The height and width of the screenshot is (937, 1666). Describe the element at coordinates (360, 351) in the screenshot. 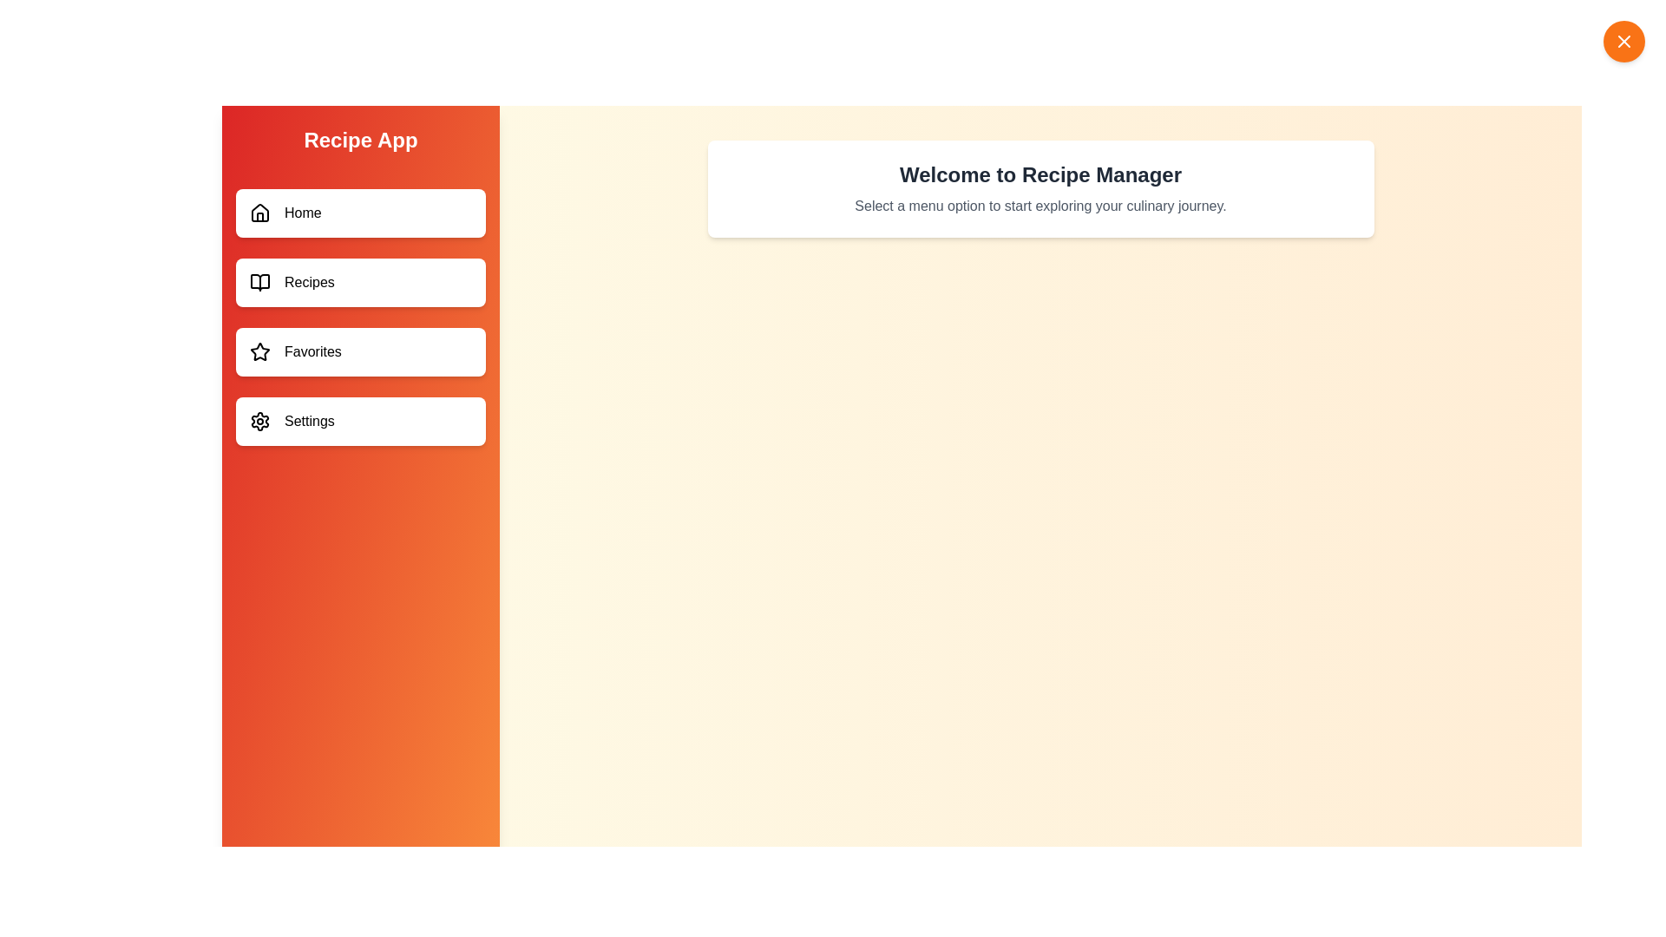

I see `the menu item labeled Favorites` at that location.